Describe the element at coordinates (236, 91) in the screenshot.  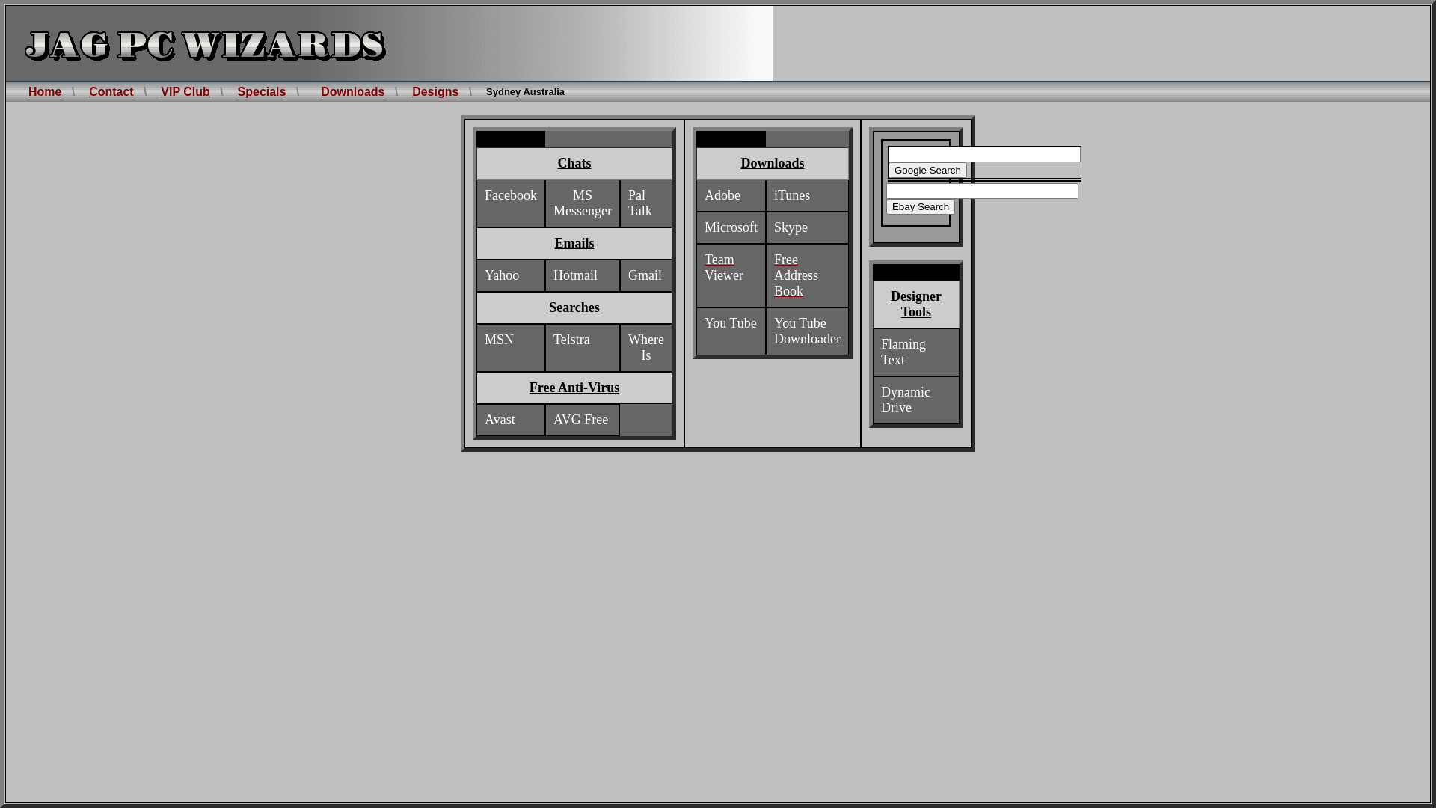
I see `'Specials'` at that location.